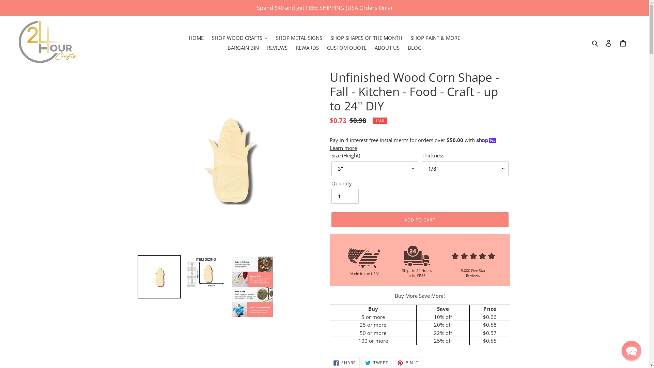  I want to click on 'SHOP WOOD CRAFTS', so click(240, 38).